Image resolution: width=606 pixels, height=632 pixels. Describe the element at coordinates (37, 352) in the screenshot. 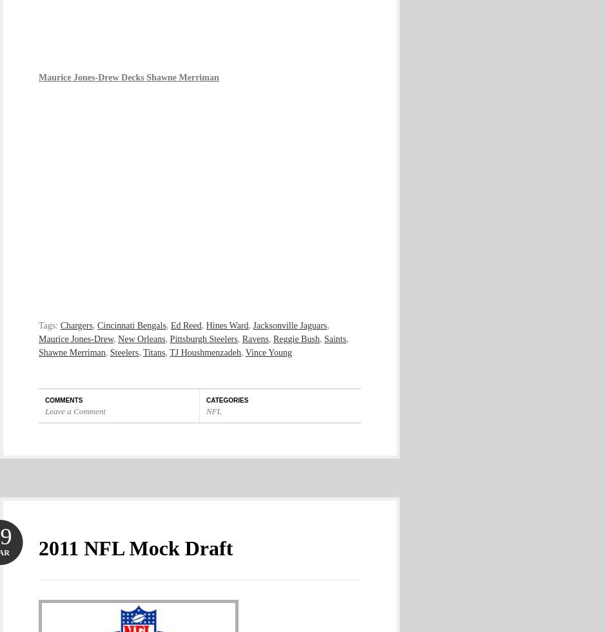

I see `'Shawne Merriman'` at that location.